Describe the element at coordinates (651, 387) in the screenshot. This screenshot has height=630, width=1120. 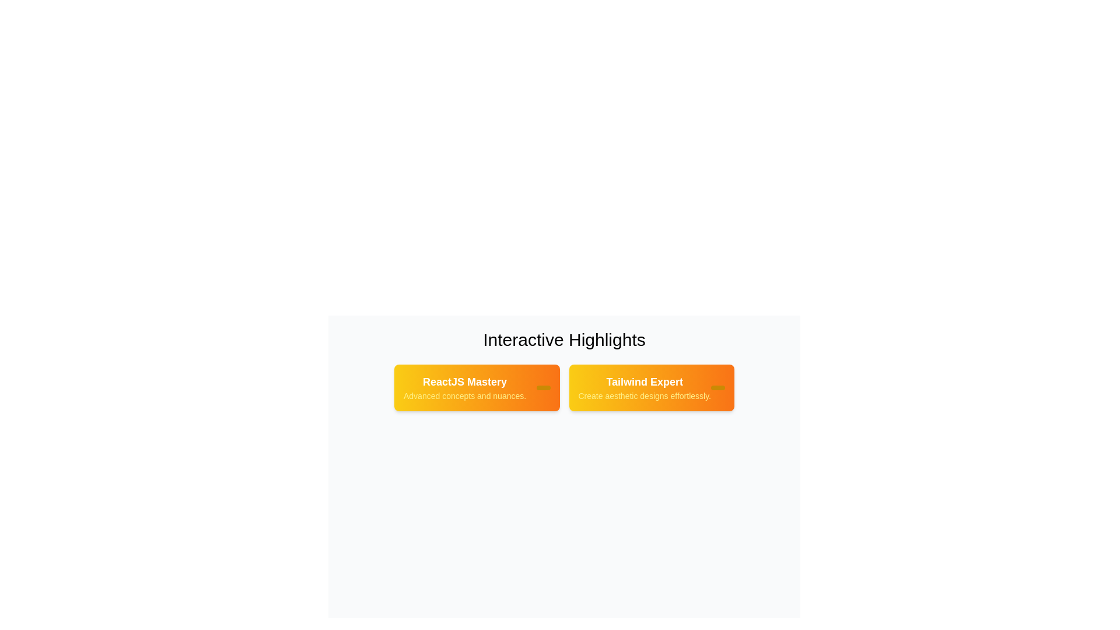
I see `the tag labeled 'Tailwind Expert' to observe its hover effect and background gradient` at that location.